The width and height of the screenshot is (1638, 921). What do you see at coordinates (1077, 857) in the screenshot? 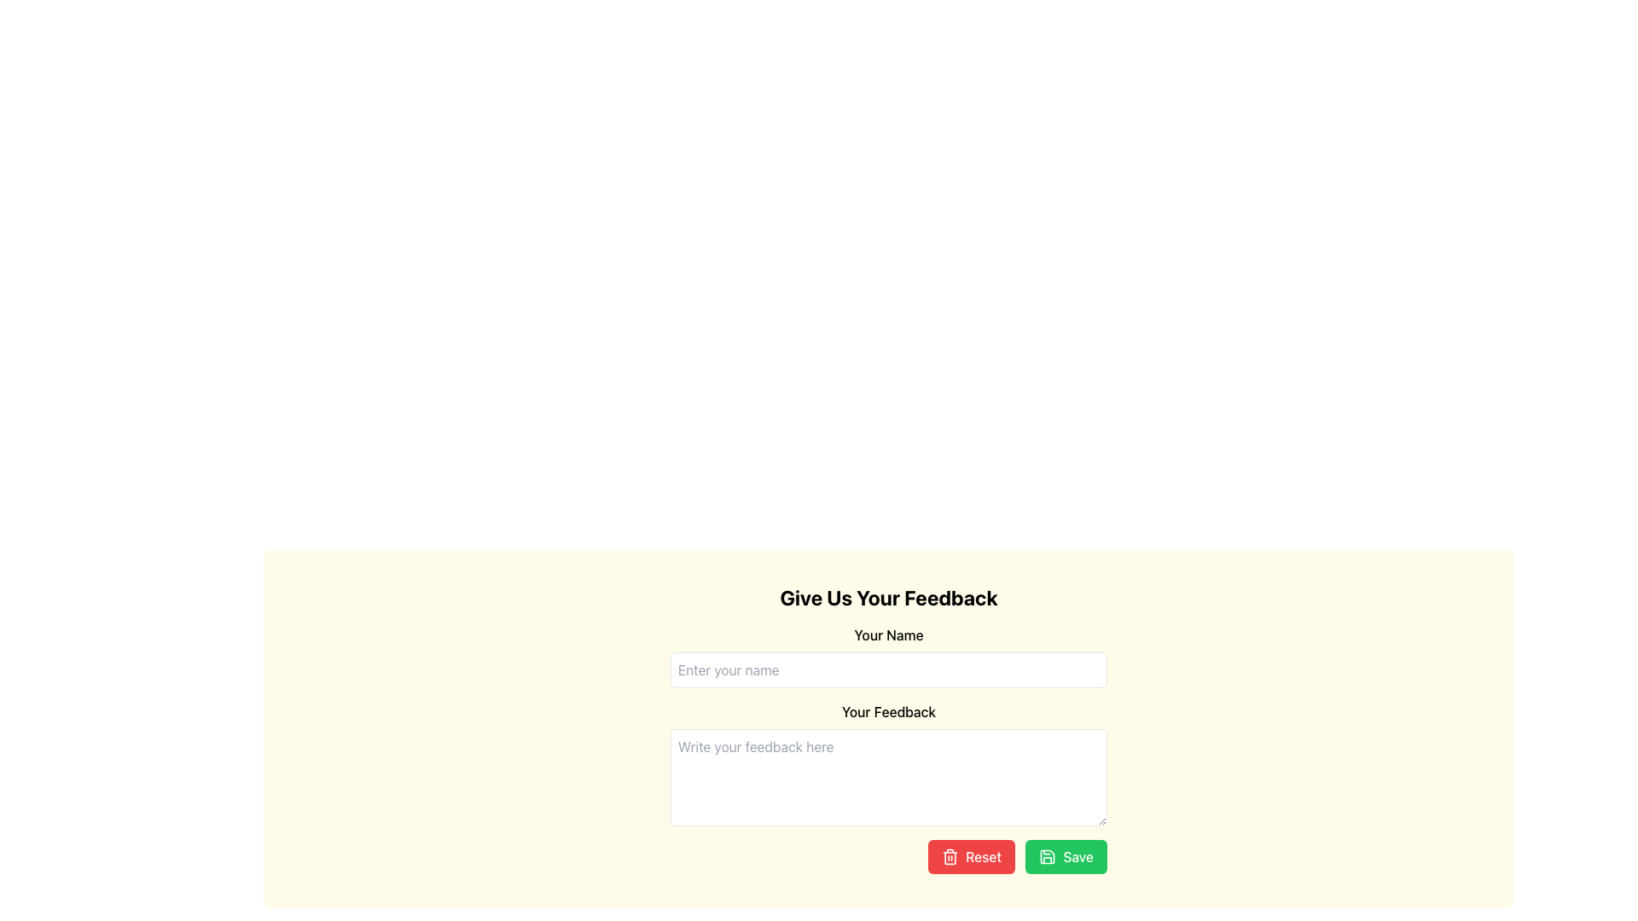
I see `the text label indicating the action of saving the feedback form, located at the bottom-right corner of the green 'Save' button` at bounding box center [1077, 857].